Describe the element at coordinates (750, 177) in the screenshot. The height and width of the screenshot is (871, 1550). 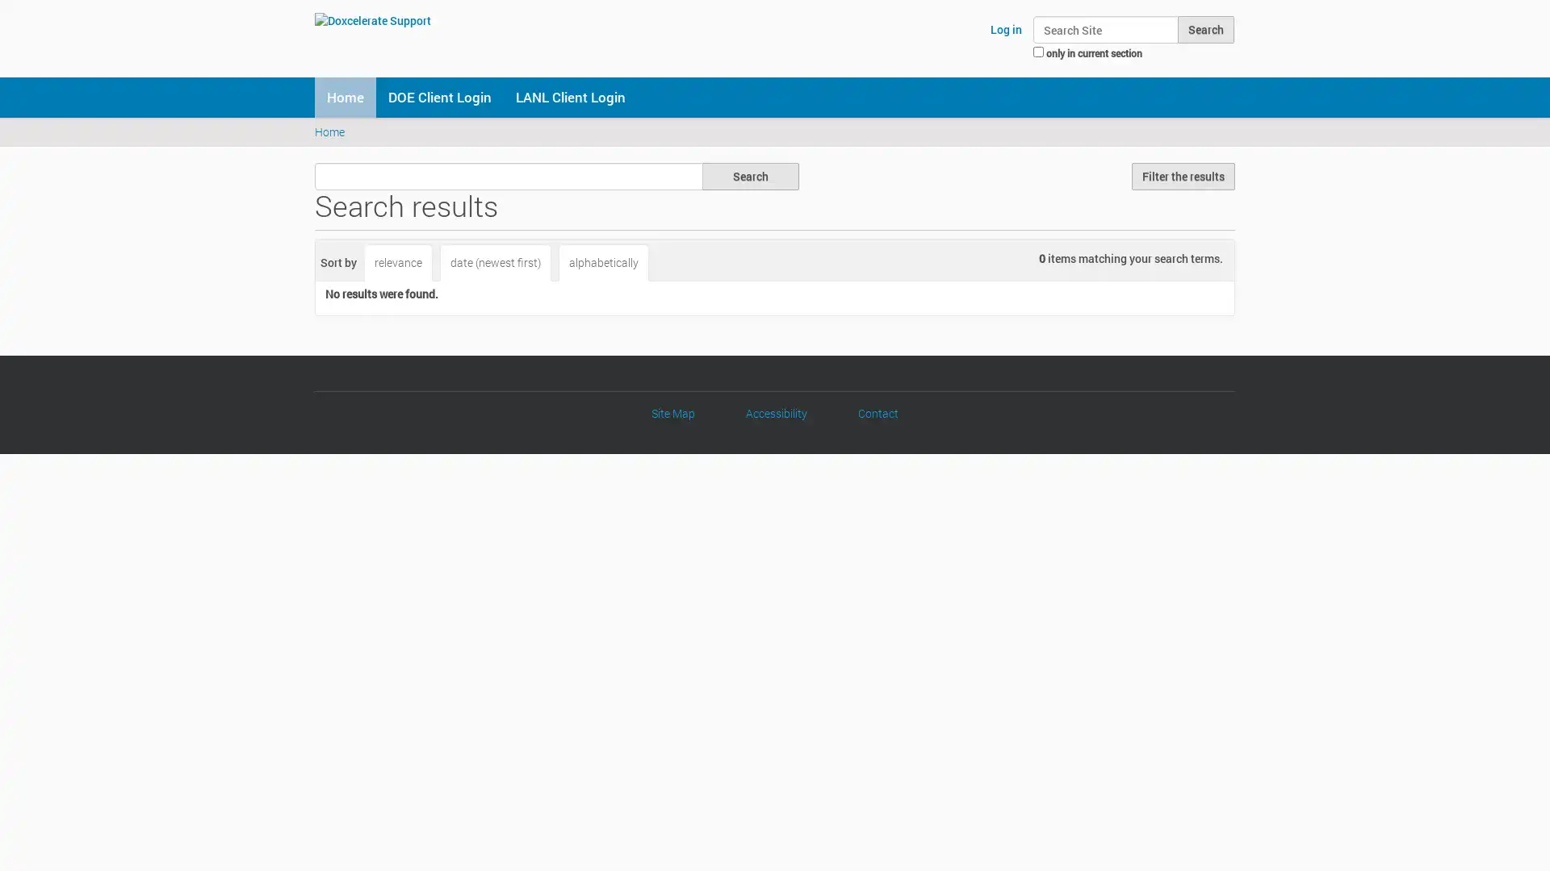
I see `Search` at that location.